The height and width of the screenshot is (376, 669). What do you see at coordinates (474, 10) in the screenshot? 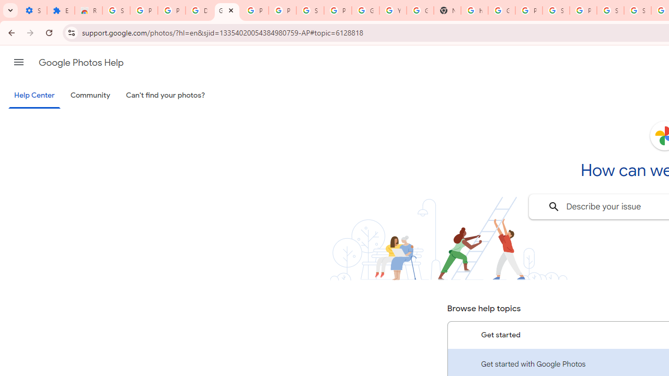
I see `'https://scholar.google.com/'` at bounding box center [474, 10].